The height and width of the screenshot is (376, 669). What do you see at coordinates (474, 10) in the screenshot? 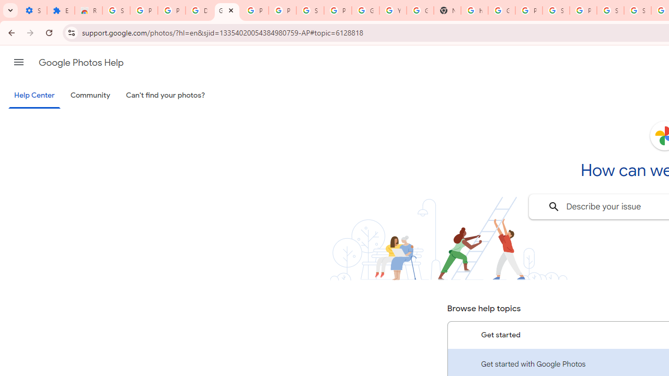
I see `'https://scholar.google.com/'` at bounding box center [474, 10].